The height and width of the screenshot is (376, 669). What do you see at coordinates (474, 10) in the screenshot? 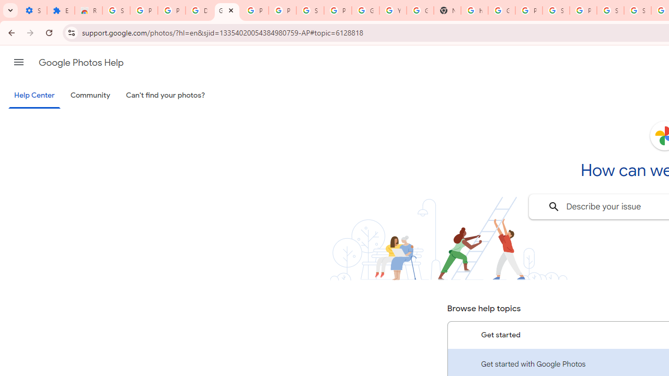
I see `'https://scholar.google.com/'` at bounding box center [474, 10].